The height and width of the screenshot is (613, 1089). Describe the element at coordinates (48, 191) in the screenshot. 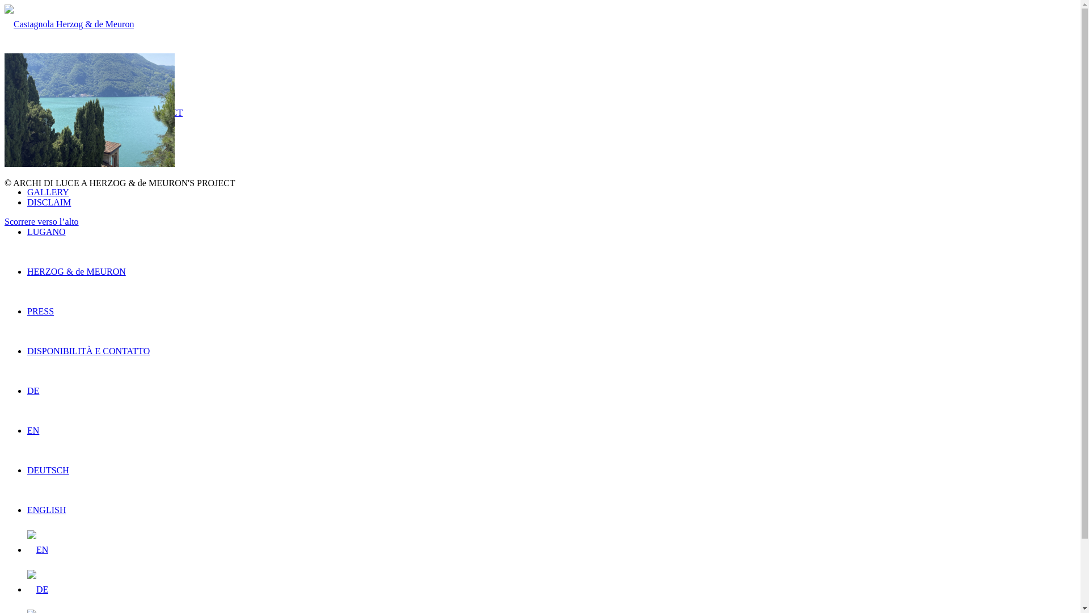

I see `'GALLERY'` at that location.